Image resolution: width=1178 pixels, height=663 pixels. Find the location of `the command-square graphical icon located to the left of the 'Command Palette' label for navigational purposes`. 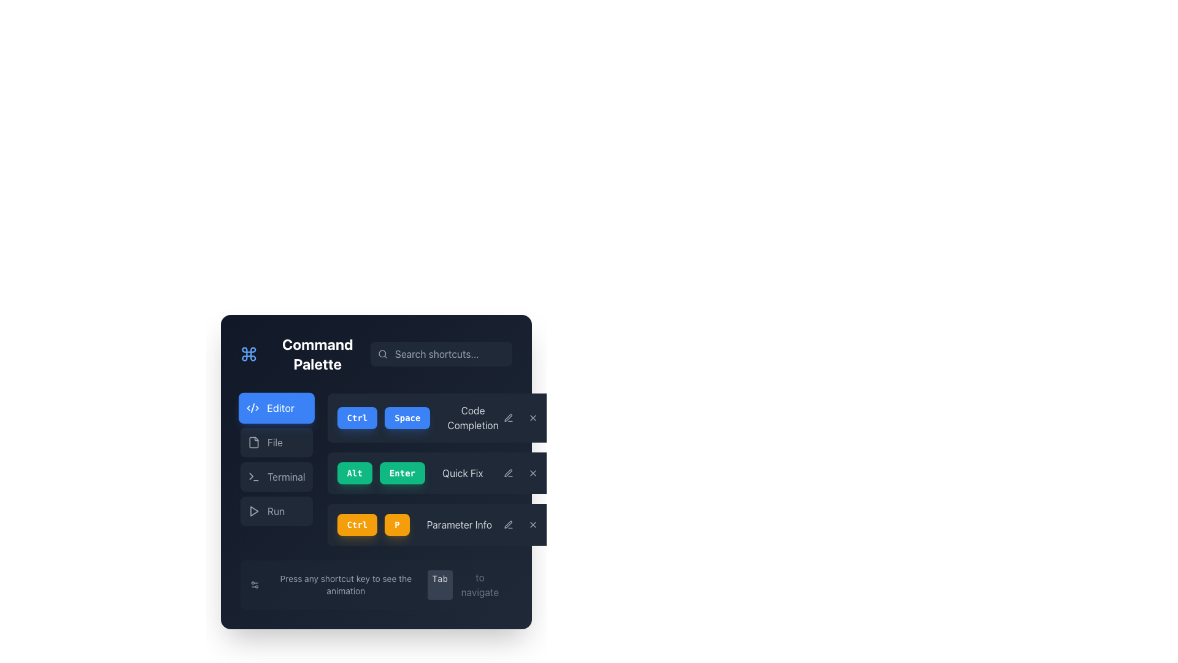

the command-square graphical icon located to the left of the 'Command Palette' label for navigational purposes is located at coordinates (248, 354).